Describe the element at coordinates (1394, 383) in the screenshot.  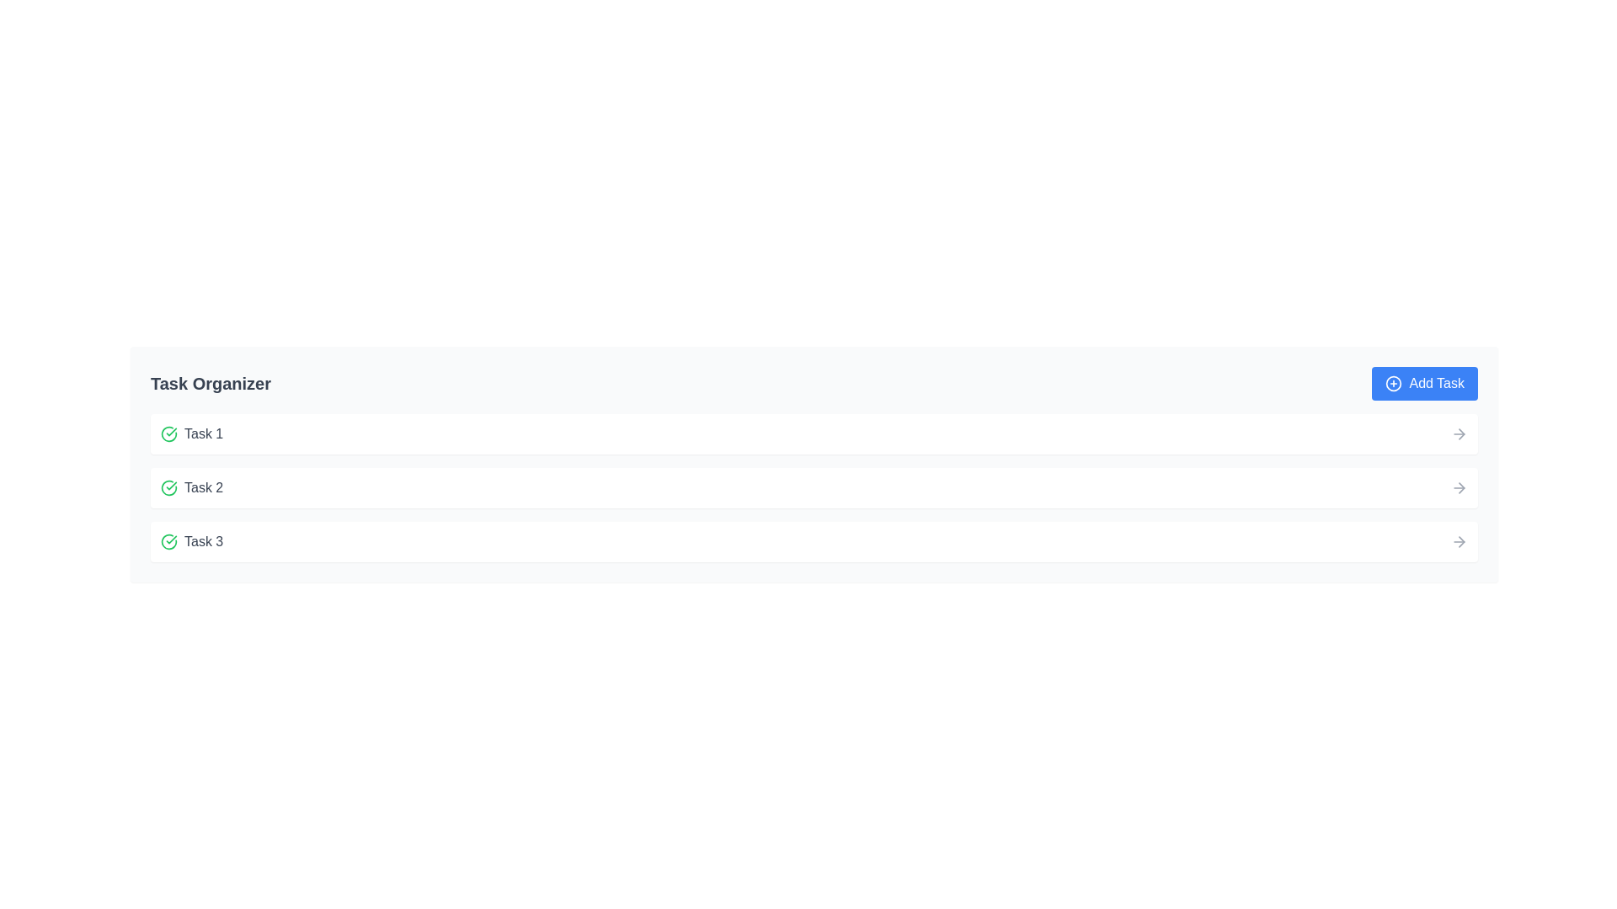
I see `the circular part of the '+' icon located on the left side of the 'Add Task' button in the top right corner` at that location.